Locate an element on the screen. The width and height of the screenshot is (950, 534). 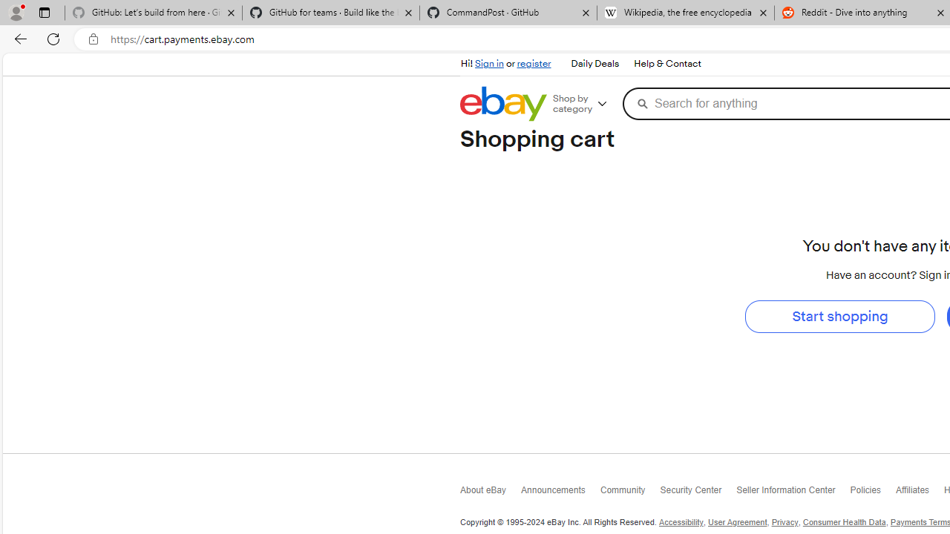
'Help & Contact' is located at coordinates (666, 63).